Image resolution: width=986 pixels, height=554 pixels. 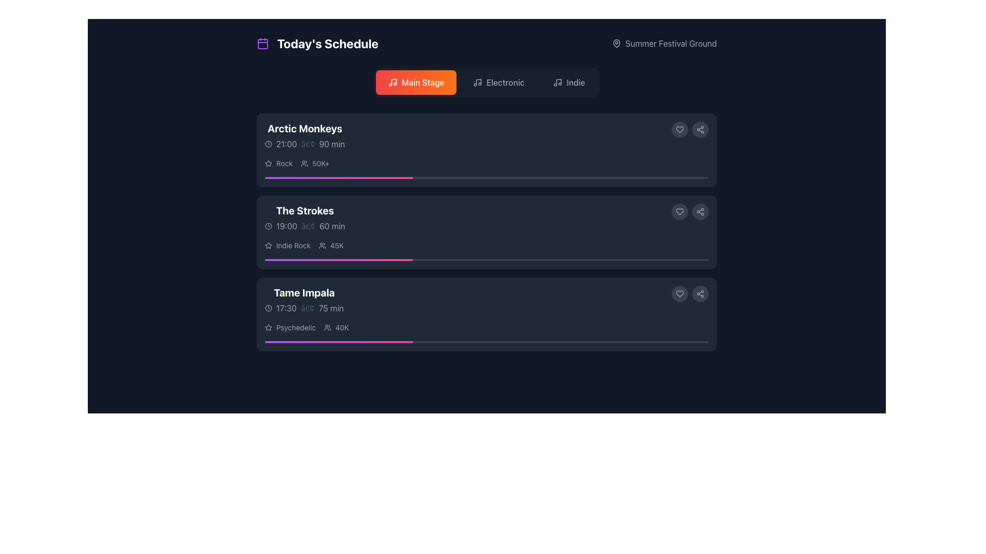 I want to click on the icon representing the genre or rating for the 'Arctic Monkeys' event, located to the left of the 'Rock' text, so click(x=269, y=163).